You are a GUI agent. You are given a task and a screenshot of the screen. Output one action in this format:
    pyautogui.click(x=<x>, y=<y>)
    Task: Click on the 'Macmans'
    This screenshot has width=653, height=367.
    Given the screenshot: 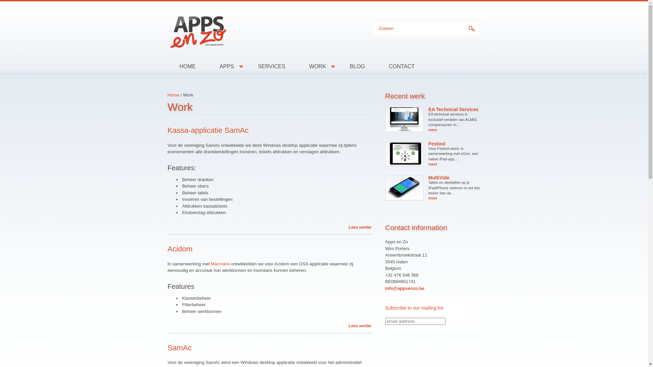 What is the action you would take?
    pyautogui.click(x=210, y=263)
    